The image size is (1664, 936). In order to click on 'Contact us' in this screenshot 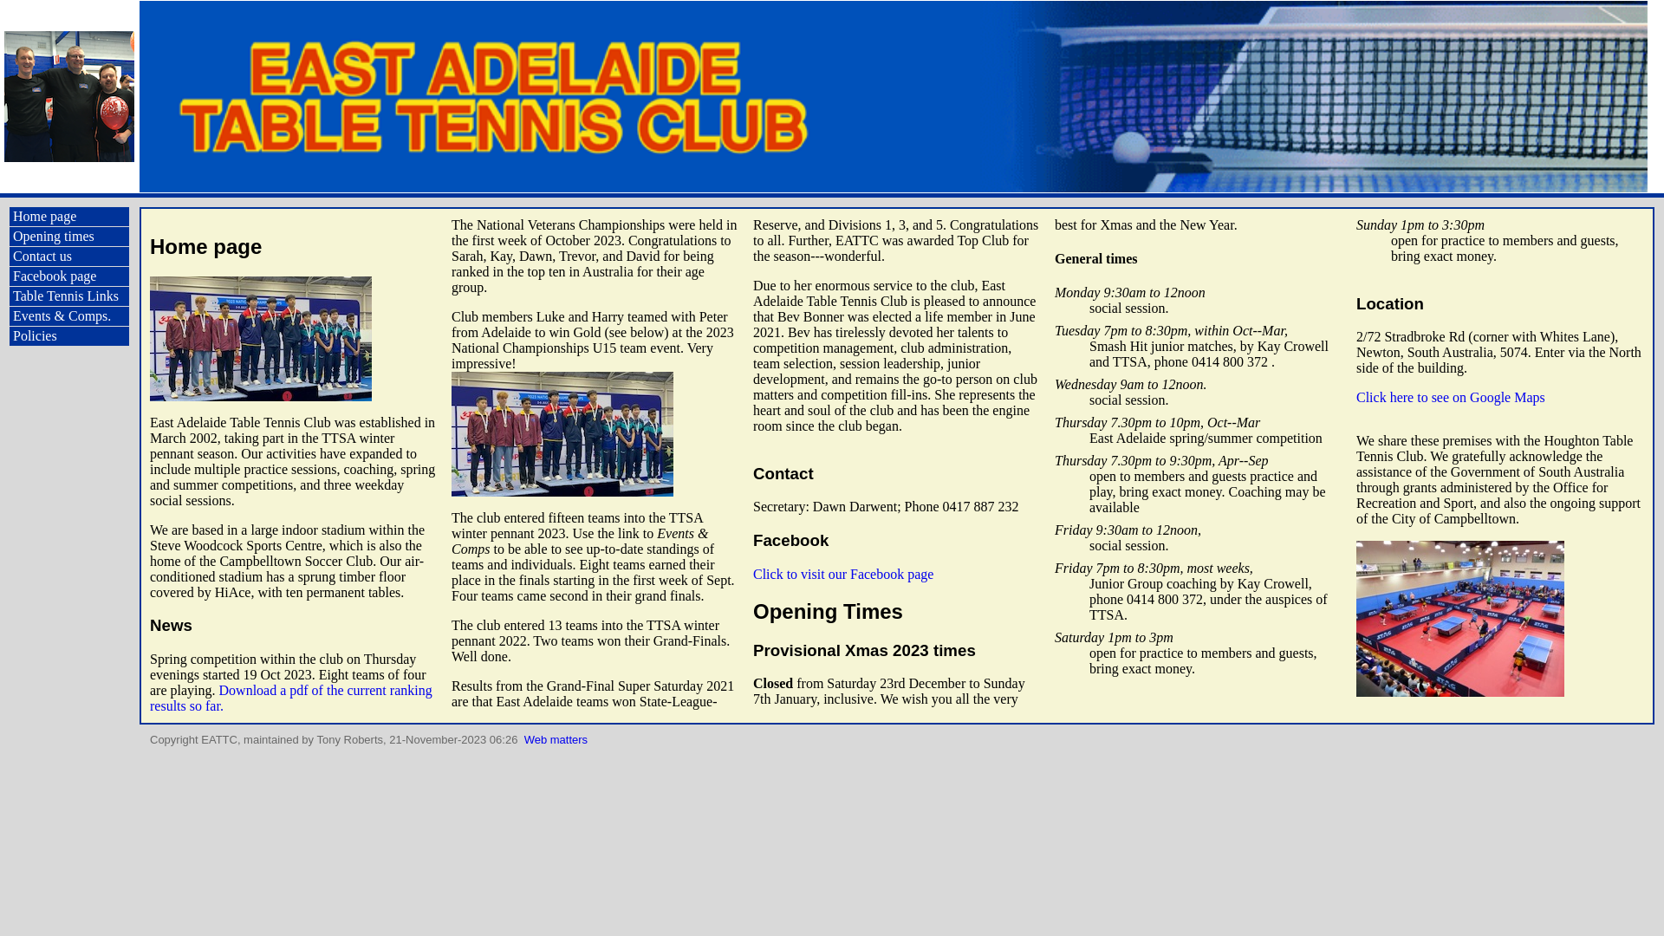, I will do `click(69, 257)`.